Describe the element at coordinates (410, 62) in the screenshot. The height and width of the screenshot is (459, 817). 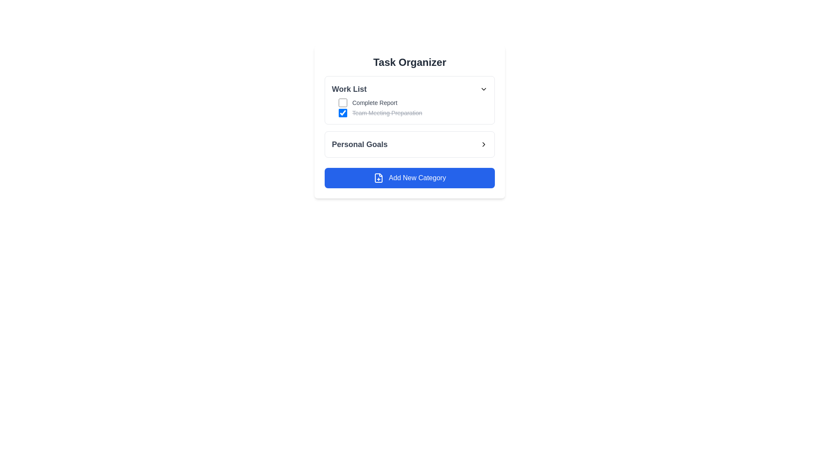
I see `the main title or heading element located at the top section of the card layout, which serves as a clear identifier for the section's purpose` at that location.